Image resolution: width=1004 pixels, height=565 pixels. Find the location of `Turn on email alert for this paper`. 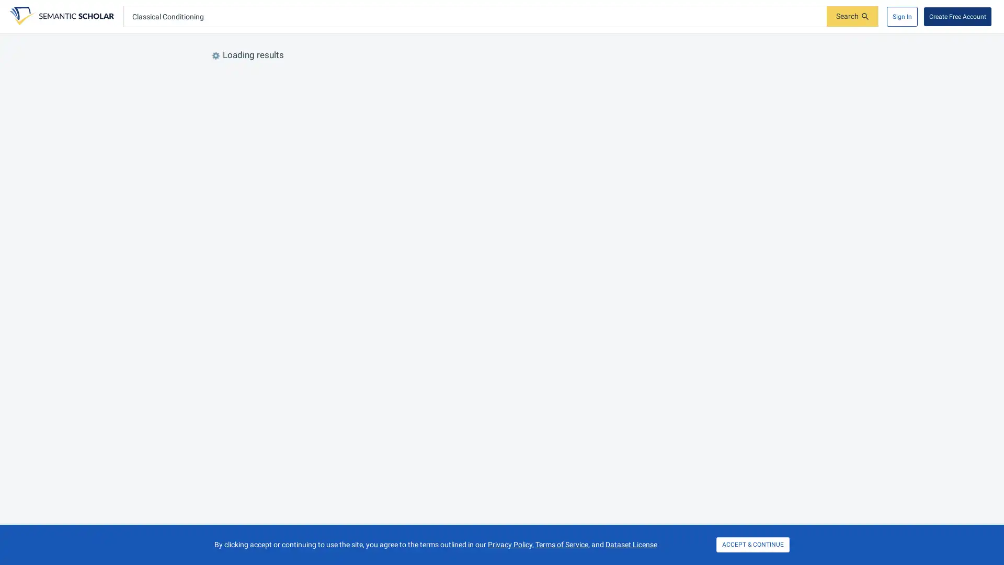

Turn on email alert for this paper is located at coordinates (315, 416).